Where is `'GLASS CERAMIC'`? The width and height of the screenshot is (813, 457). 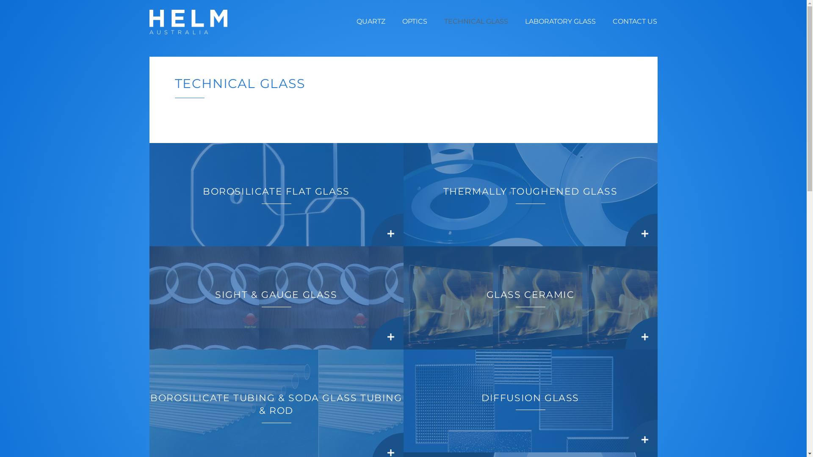 'GLASS CERAMIC' is located at coordinates (530, 297).